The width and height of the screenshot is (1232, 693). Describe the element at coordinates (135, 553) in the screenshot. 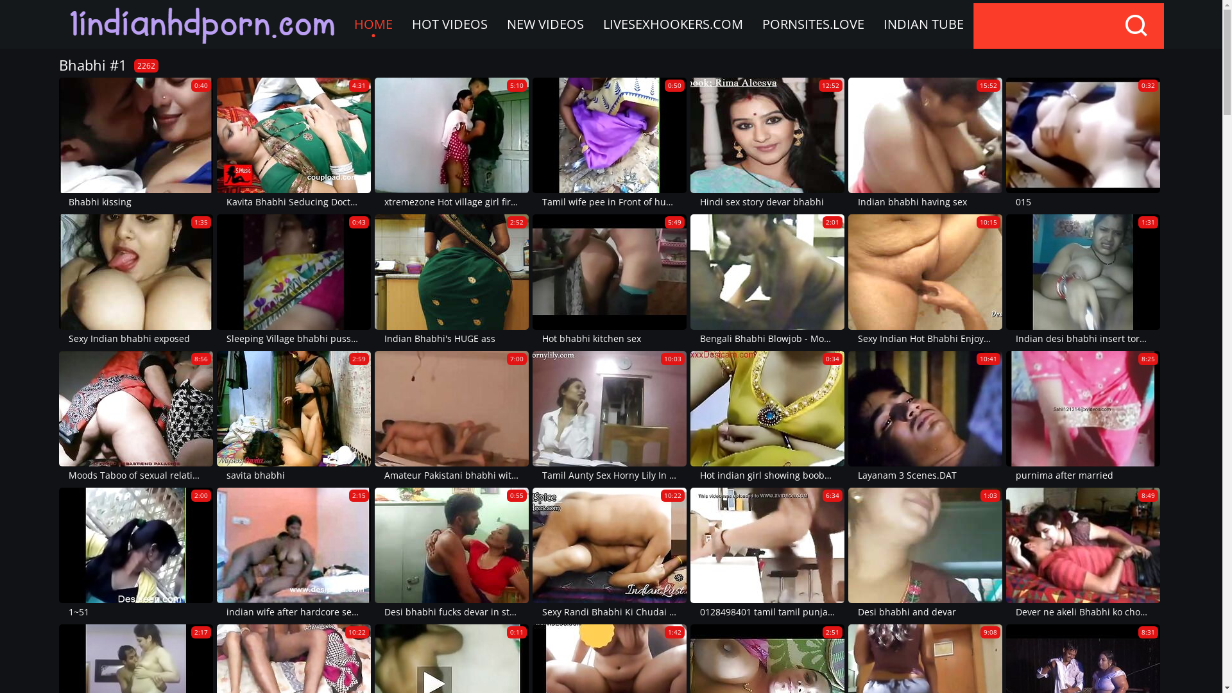

I see `'2:00` at that location.